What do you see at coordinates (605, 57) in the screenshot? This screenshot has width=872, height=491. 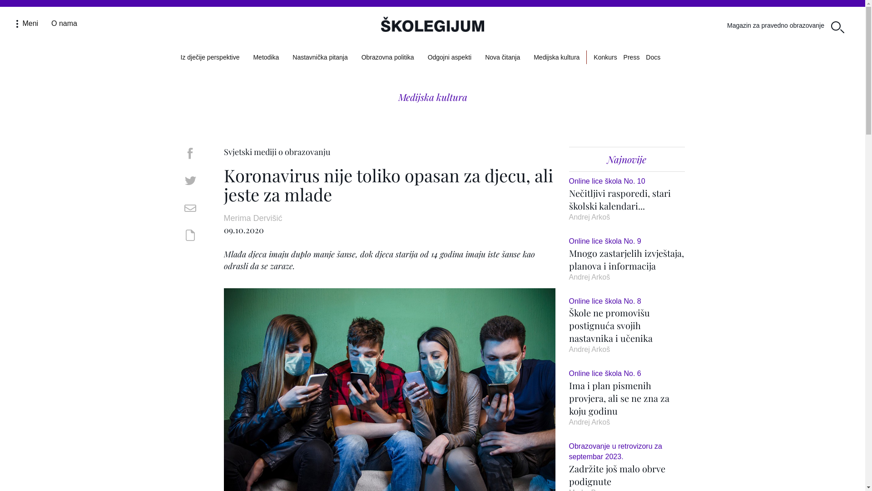 I see `'Konkurs'` at bounding box center [605, 57].